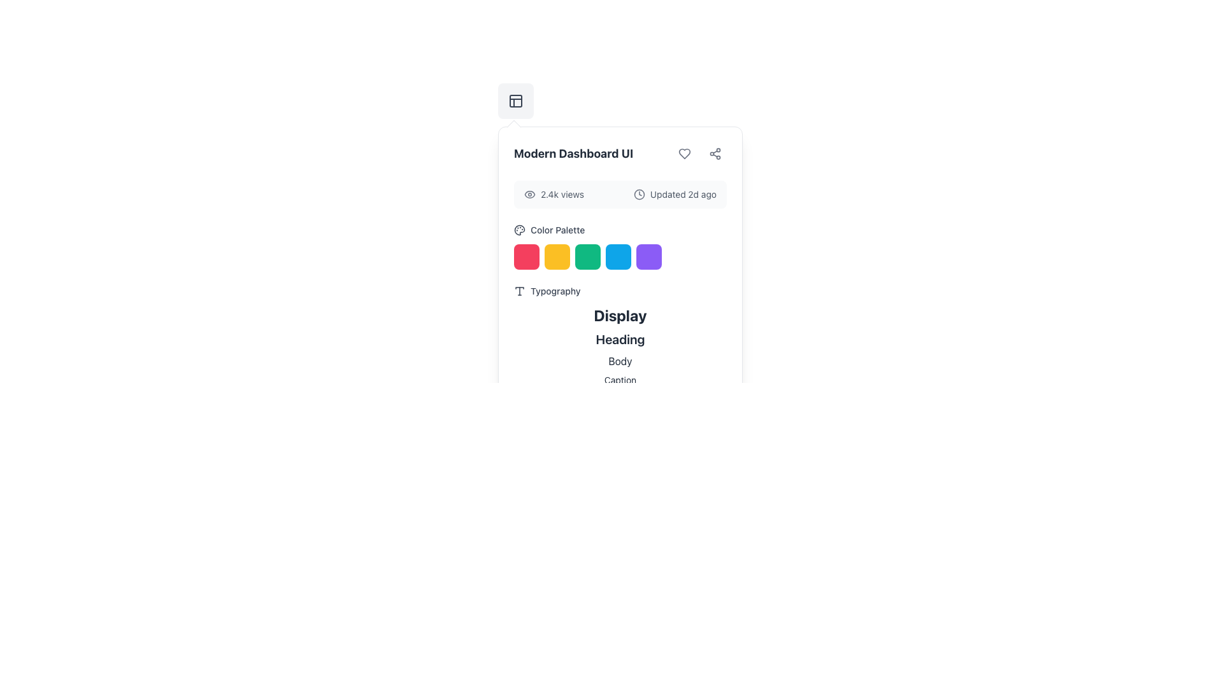  I want to click on the palette icon graphic element, which is the last of its siblings in the graphical depiction of a palette, so click(519, 230).